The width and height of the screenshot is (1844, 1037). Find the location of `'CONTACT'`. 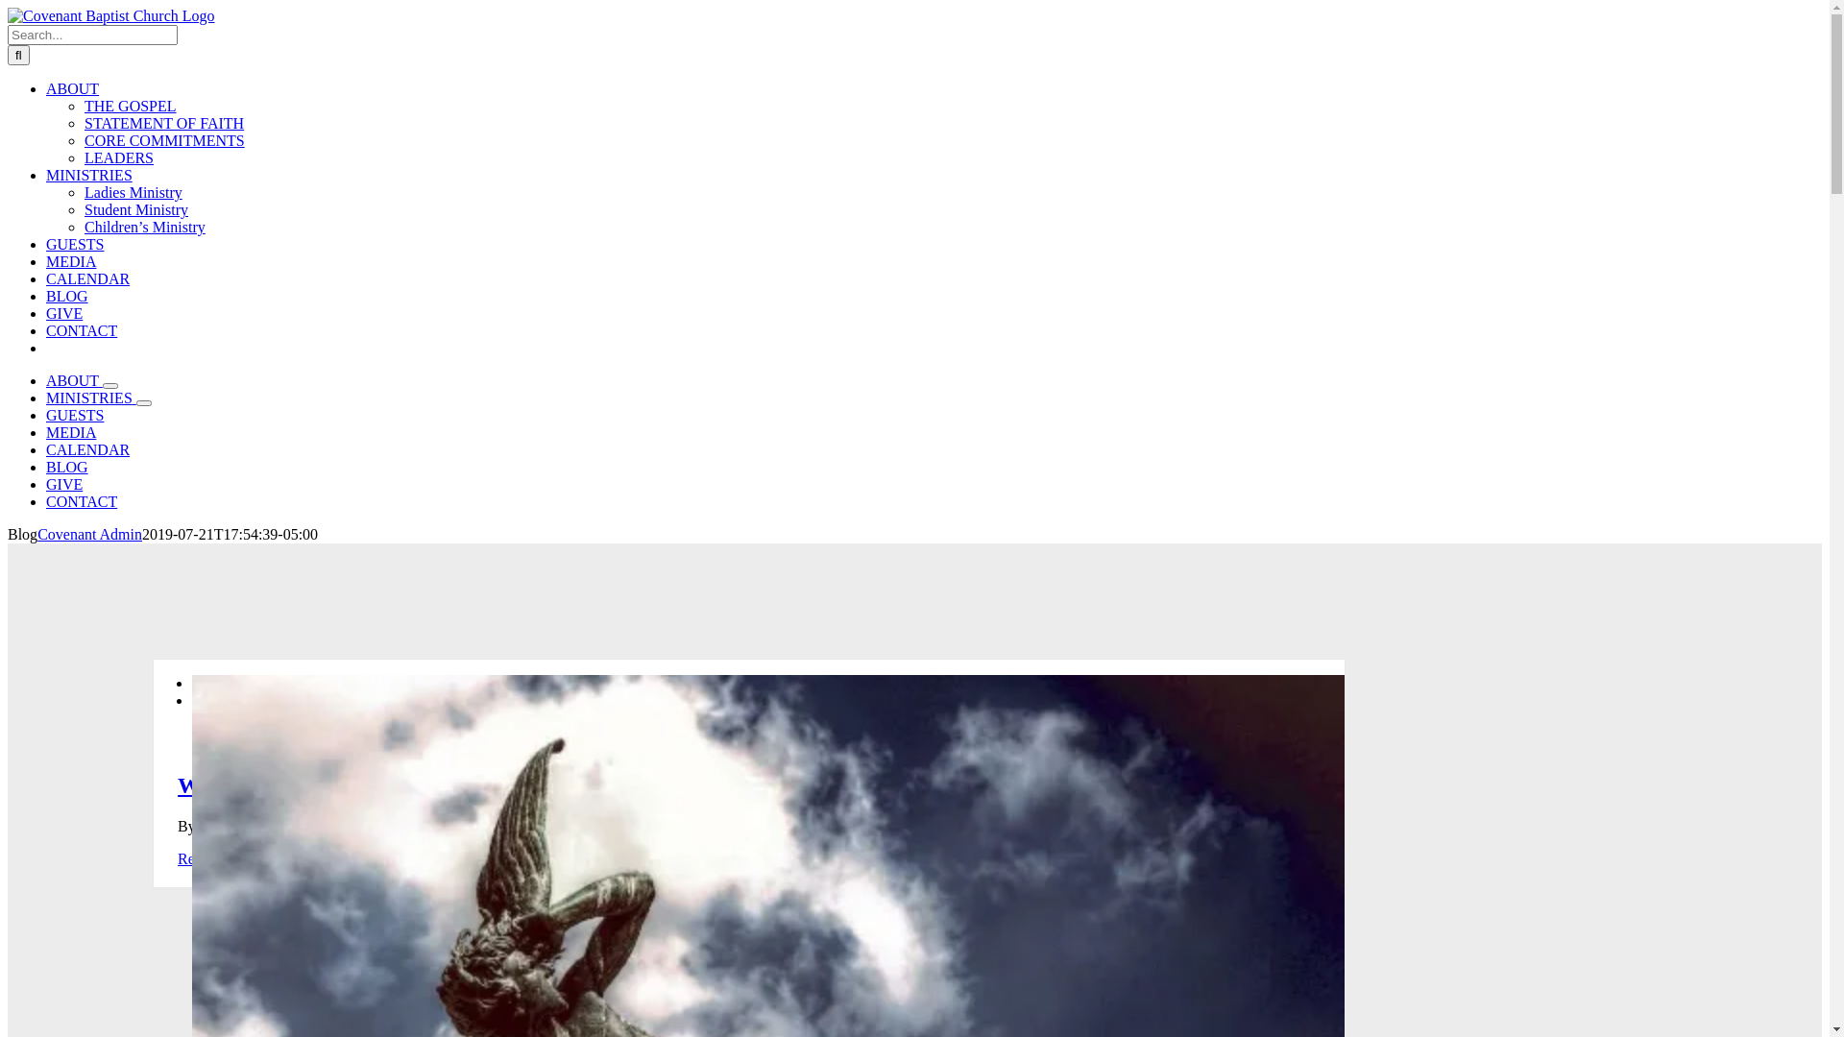

'CONTACT' is located at coordinates (81, 329).